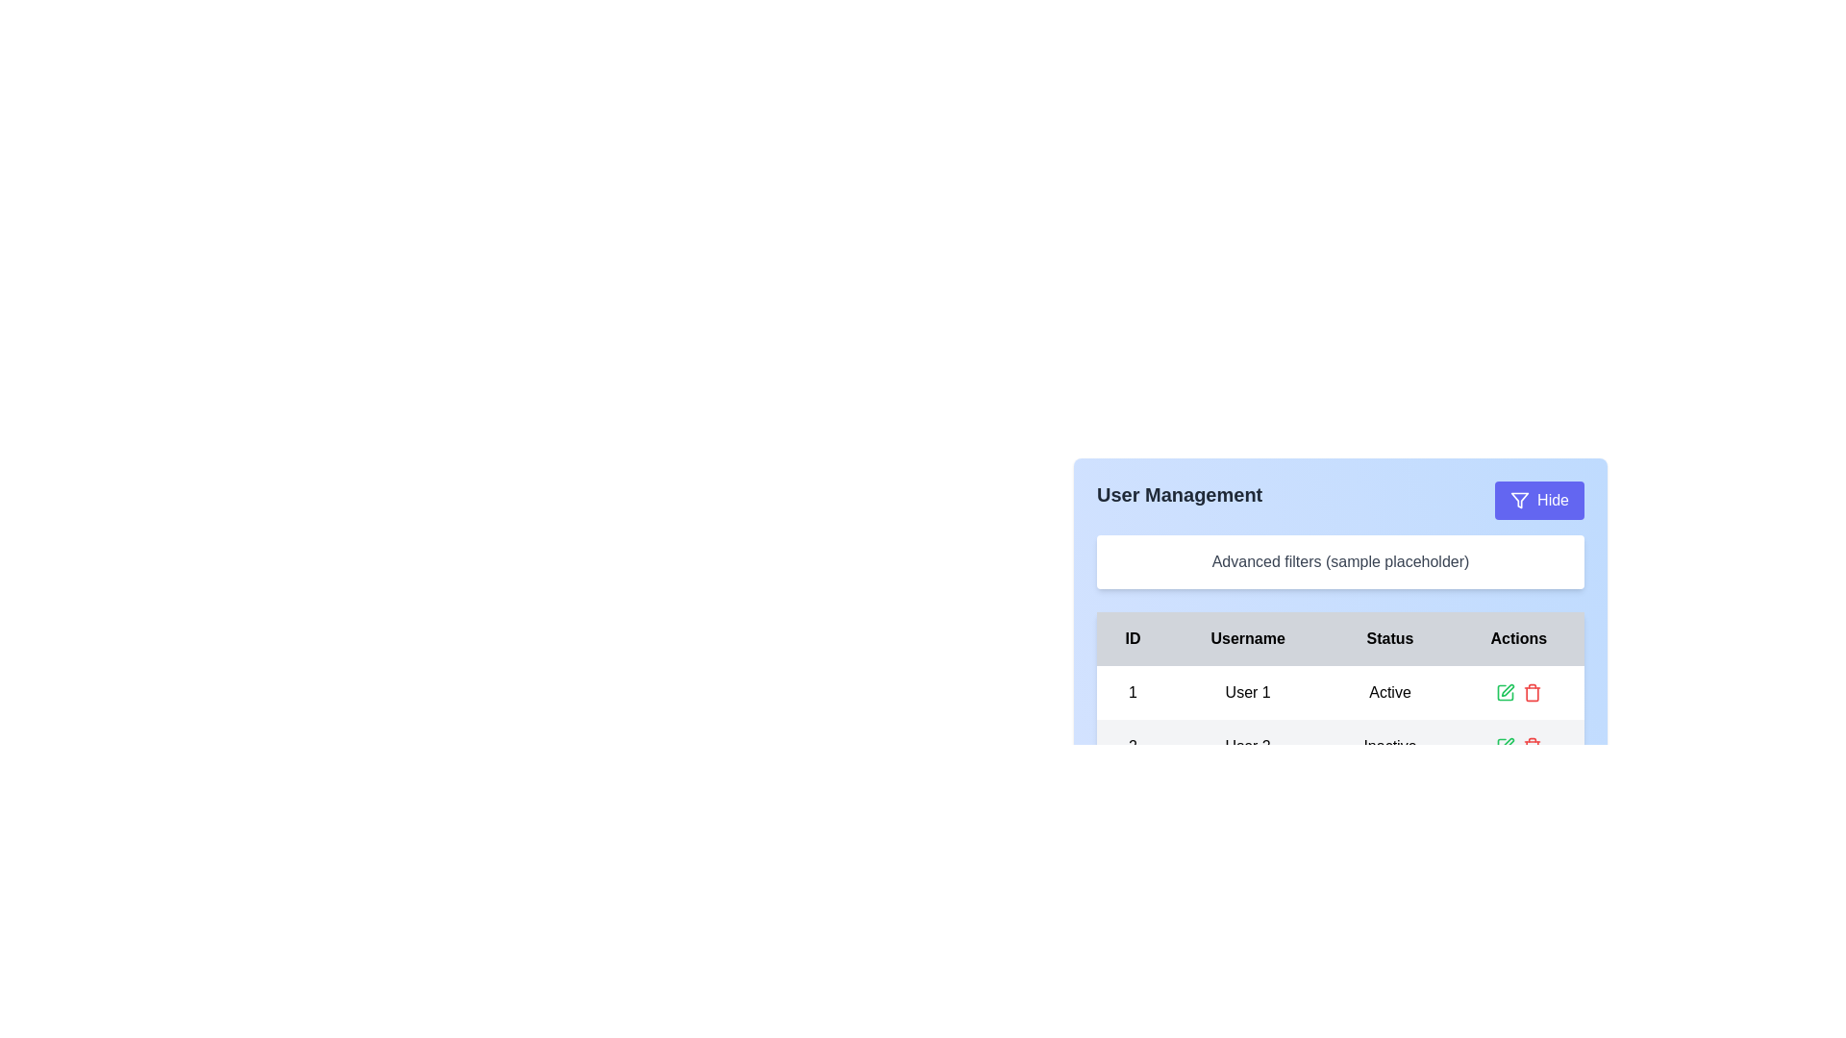 The width and height of the screenshot is (1846, 1038). Describe the element at coordinates (1339, 561) in the screenshot. I see `the text label displaying 'Advanced filters (sample placeholder)' in light gray color, which is centrally positioned within a card below the 'User Management' section` at that location.